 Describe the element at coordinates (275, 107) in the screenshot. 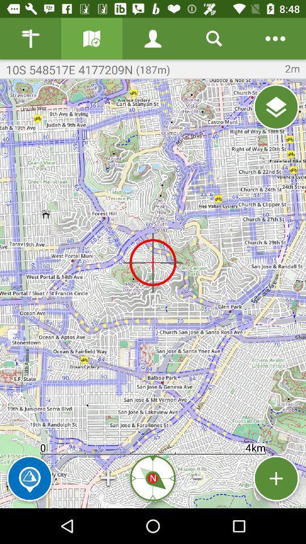

I see `layer menu` at that location.